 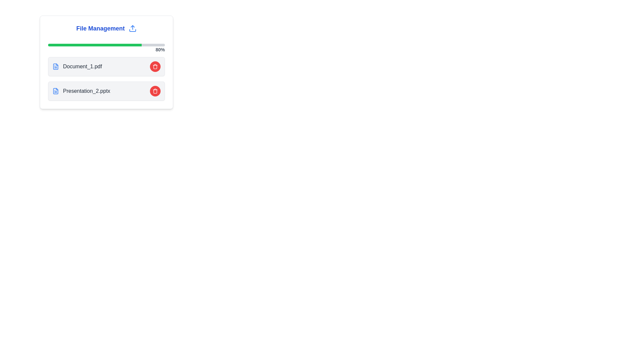 What do you see at coordinates (56, 66) in the screenshot?
I see `the document-style file icon located to the left of the 'Document_1.pdf' text` at bounding box center [56, 66].